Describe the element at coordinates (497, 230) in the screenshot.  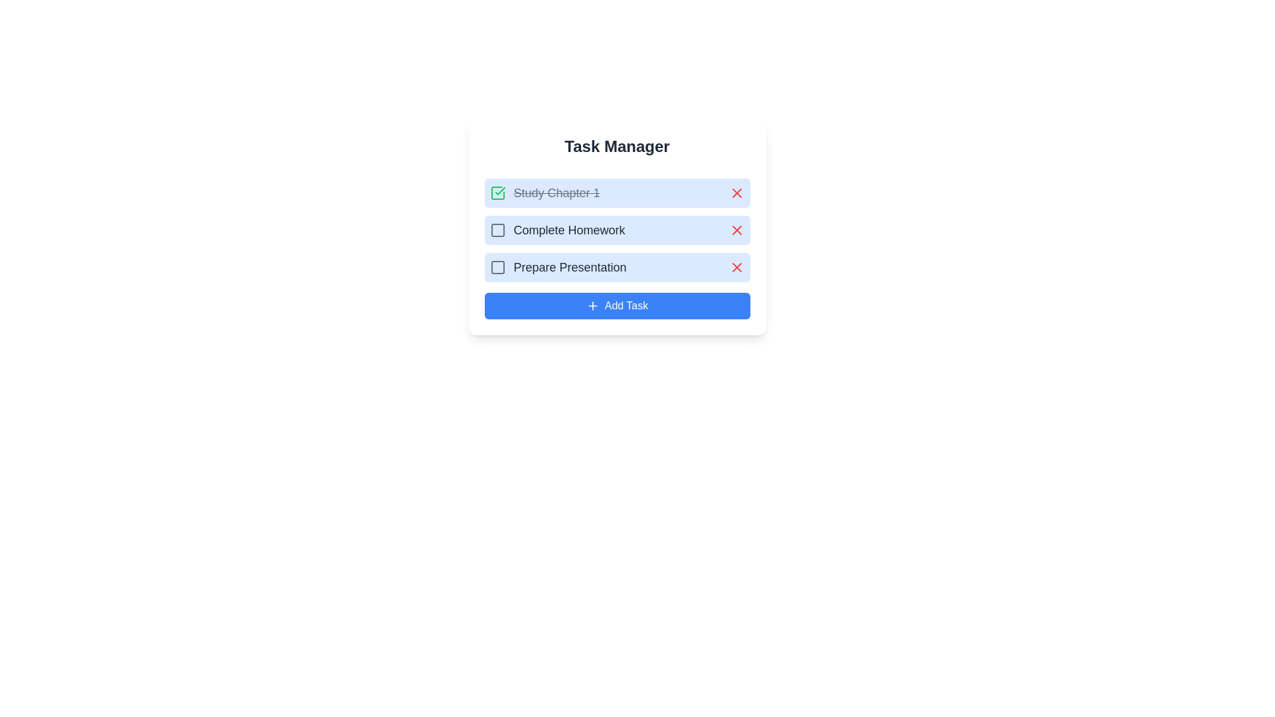
I see `the SVG-based custom icon representing the task status for 'Complete Homework' in the Task Manager card, located in the second row` at that location.